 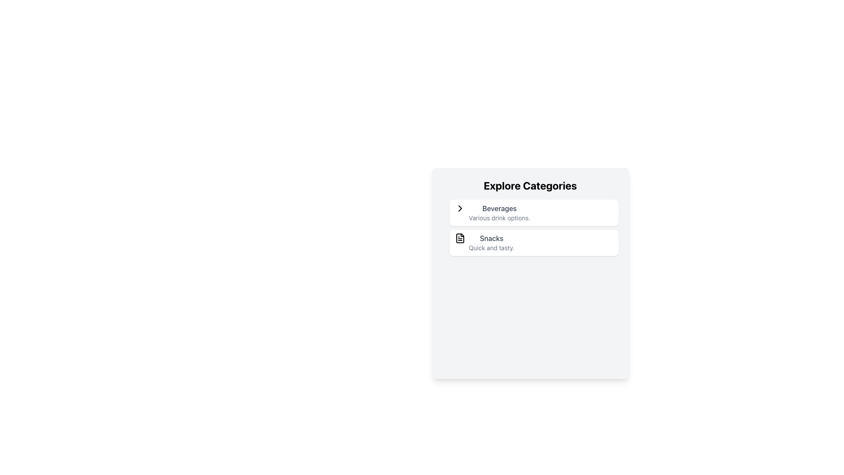 What do you see at coordinates (530, 185) in the screenshot?
I see `the bold, large-sized text element that reads 'Explore Categories', located at the top center of the card with a light gray background` at bounding box center [530, 185].